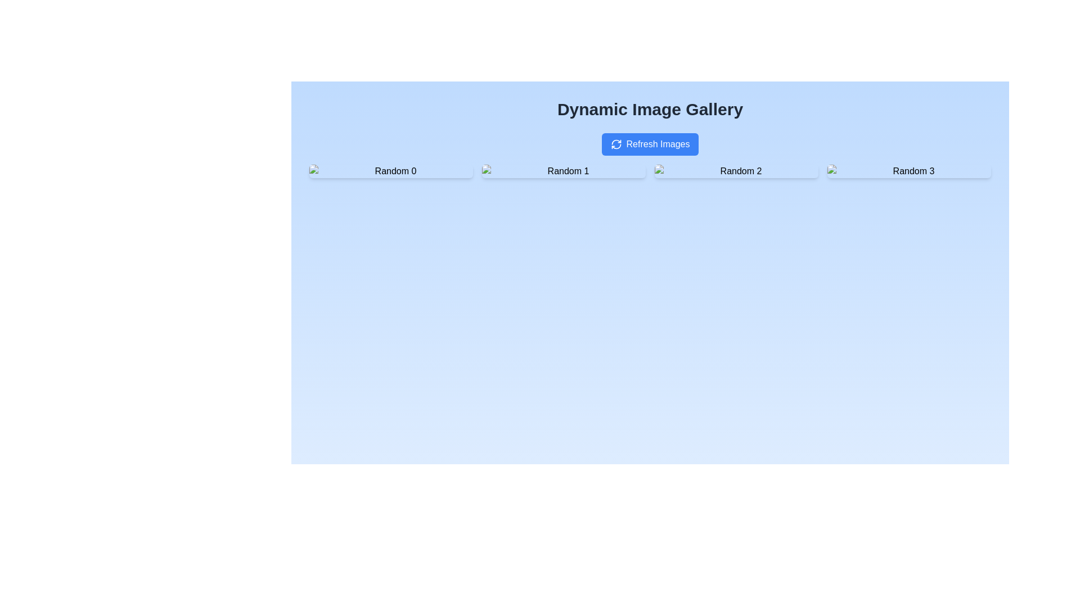 The image size is (1080, 607). Describe the element at coordinates (650, 144) in the screenshot. I see `the refresh button located below the 'Dynamic Image Gallery' title` at that location.